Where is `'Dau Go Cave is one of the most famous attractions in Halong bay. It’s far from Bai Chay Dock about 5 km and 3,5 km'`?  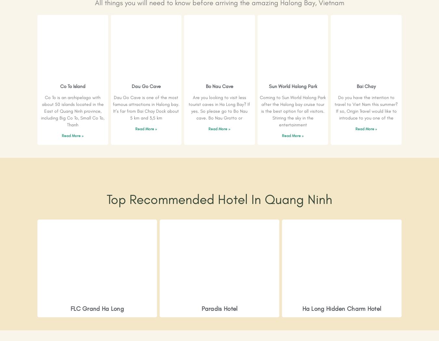 'Dau Go Cave is one of the most famous attractions in Halong bay. It’s far from Bai Chay Dock about 5 km and 3,5 km' is located at coordinates (113, 107).